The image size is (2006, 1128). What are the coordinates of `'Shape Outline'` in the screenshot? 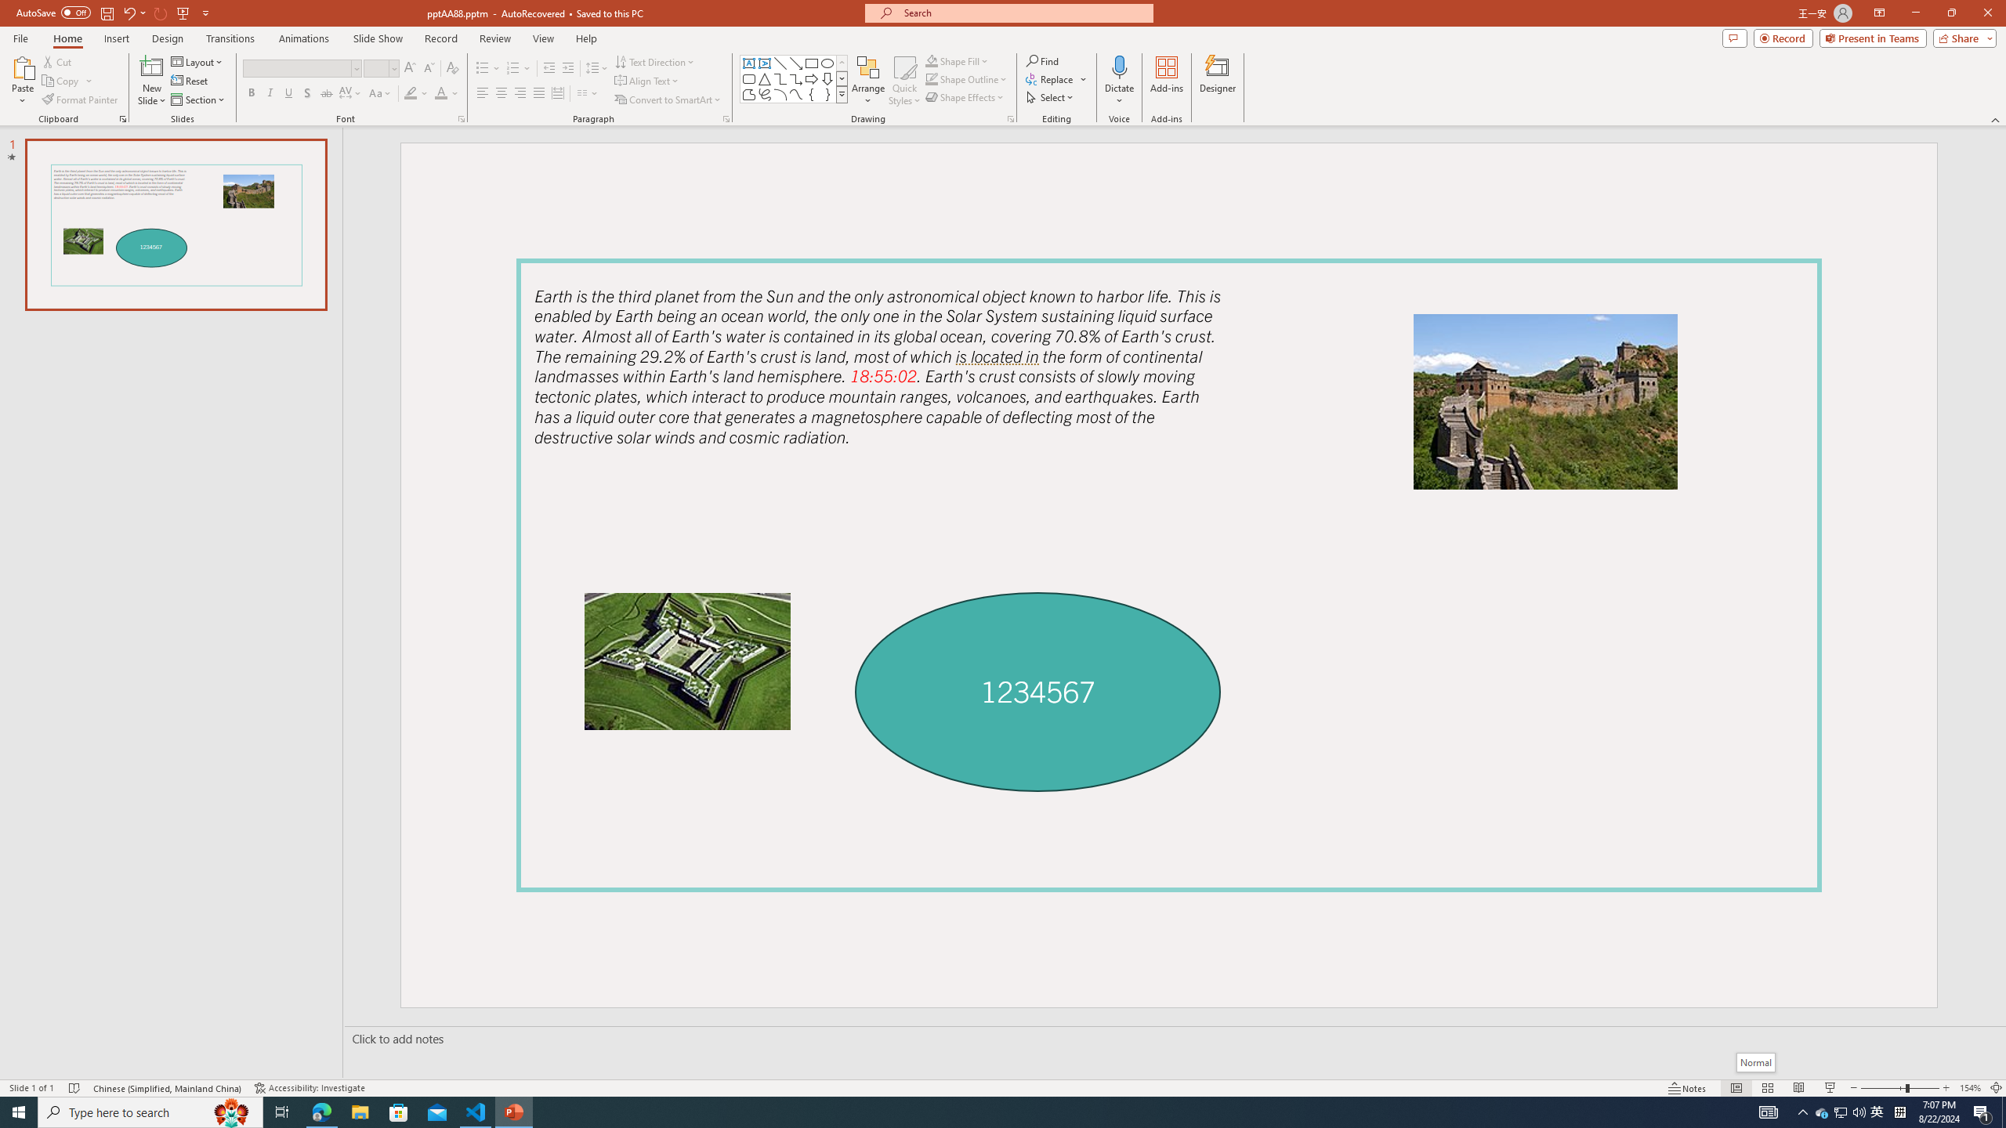 It's located at (965, 78).